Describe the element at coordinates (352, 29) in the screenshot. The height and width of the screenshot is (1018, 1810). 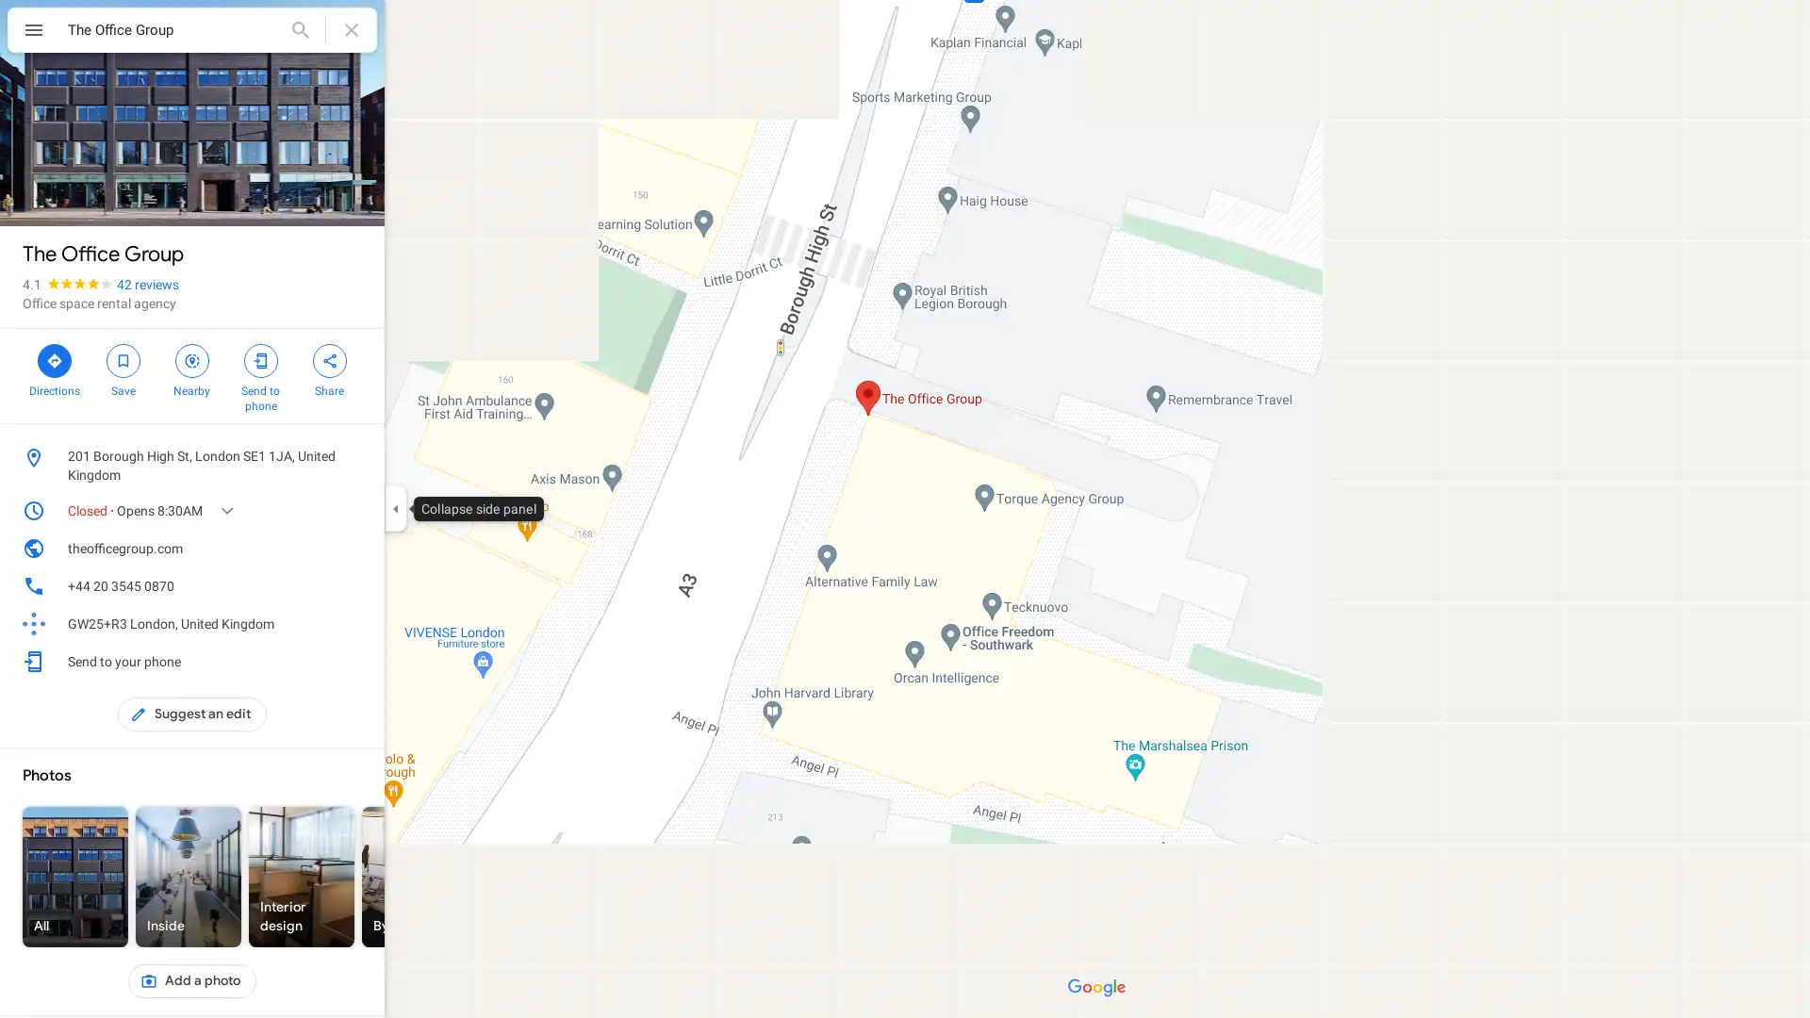
I see `Clear search` at that location.